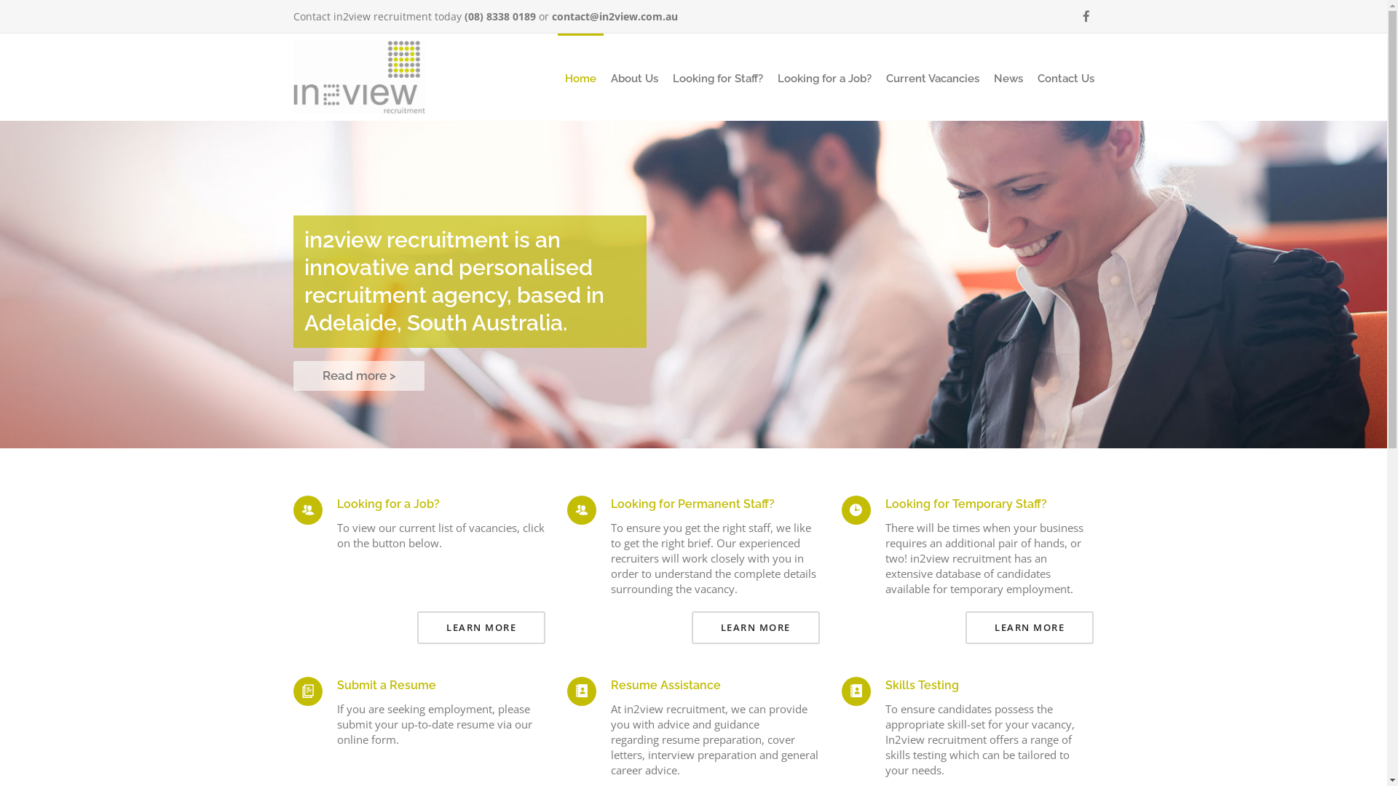 The width and height of the screenshot is (1398, 786). I want to click on 'Skills Testing', so click(921, 685).